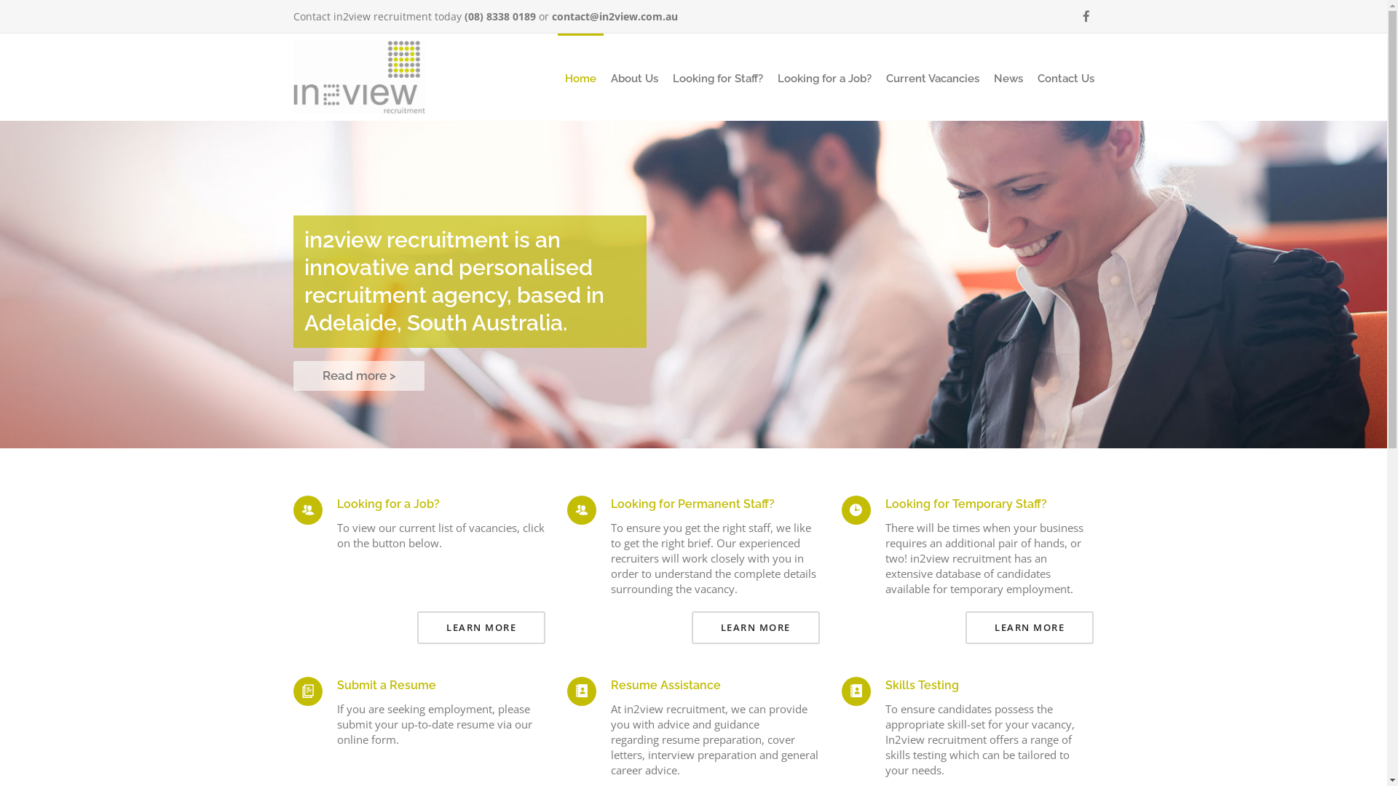 The width and height of the screenshot is (1398, 786). I want to click on 'Skills Testing', so click(921, 685).